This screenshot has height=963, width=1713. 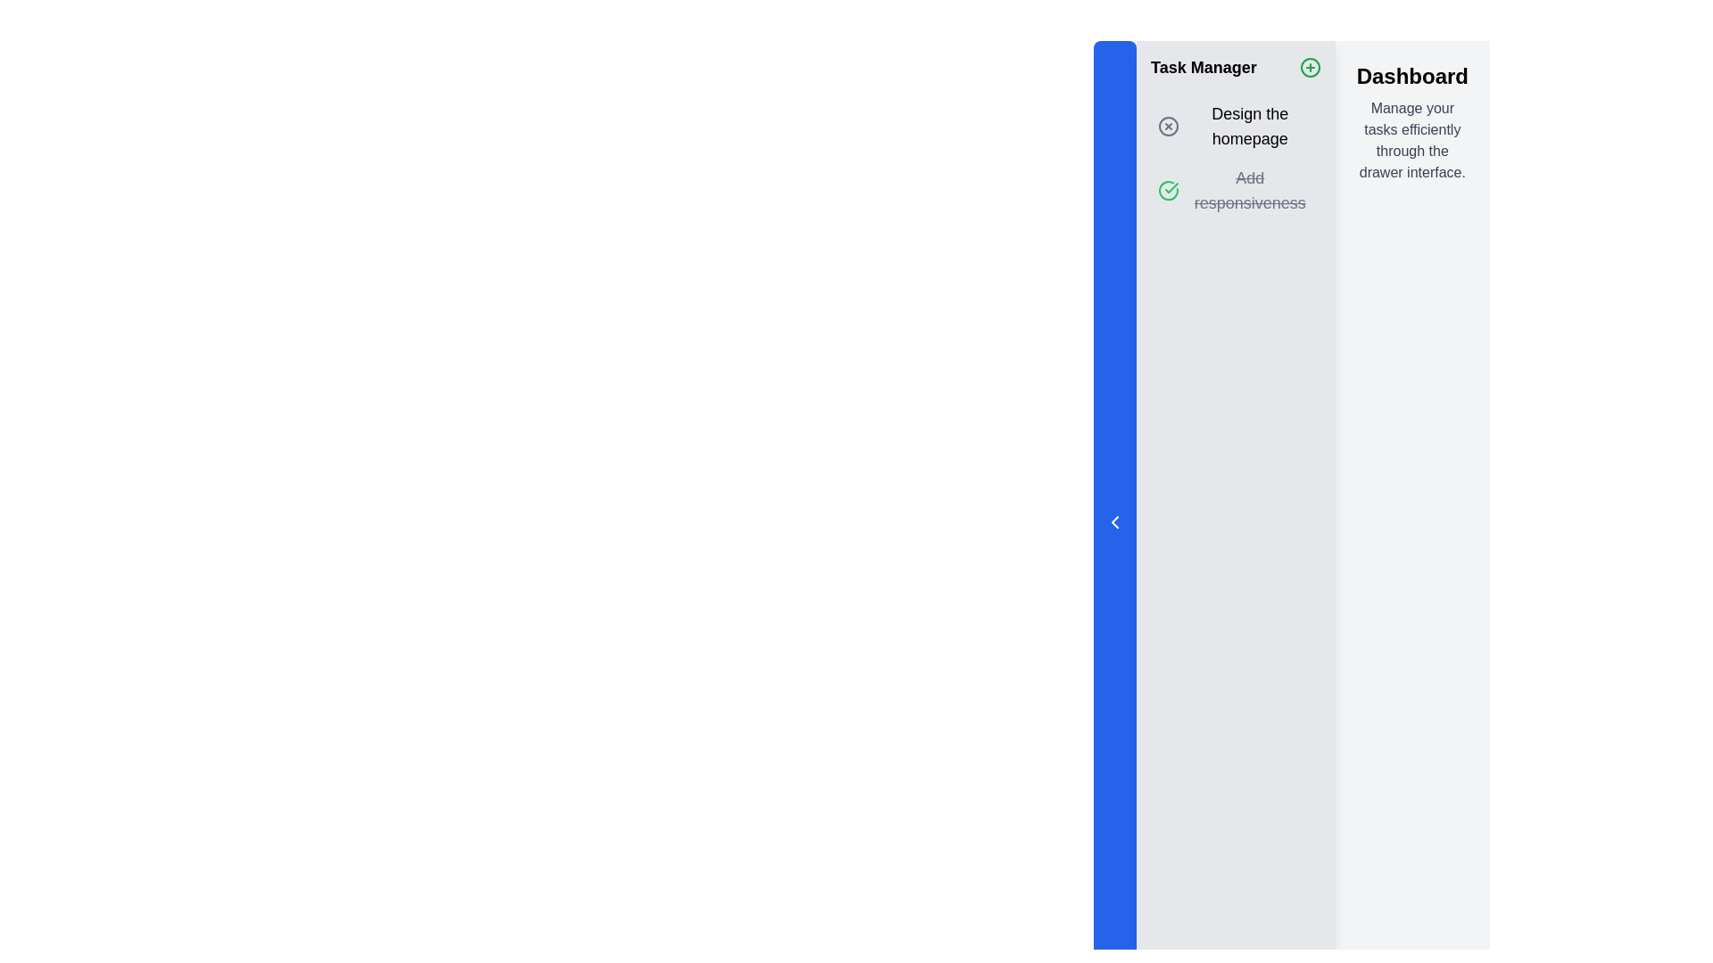 What do you see at coordinates (1411, 140) in the screenshot?
I see `the text label that reads 'Manage your tasks efficiently through the drawer interface.' located below the 'Dashboard' heading on the right panel` at bounding box center [1411, 140].